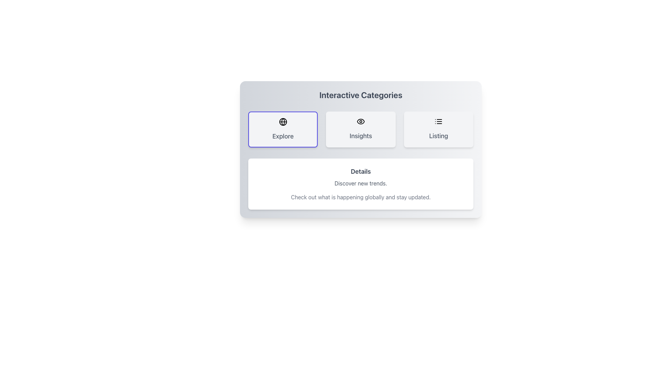  I want to click on the Circle graphic element of the globe icon, which is located above the 'Explore' label in the interface, so click(283, 122).